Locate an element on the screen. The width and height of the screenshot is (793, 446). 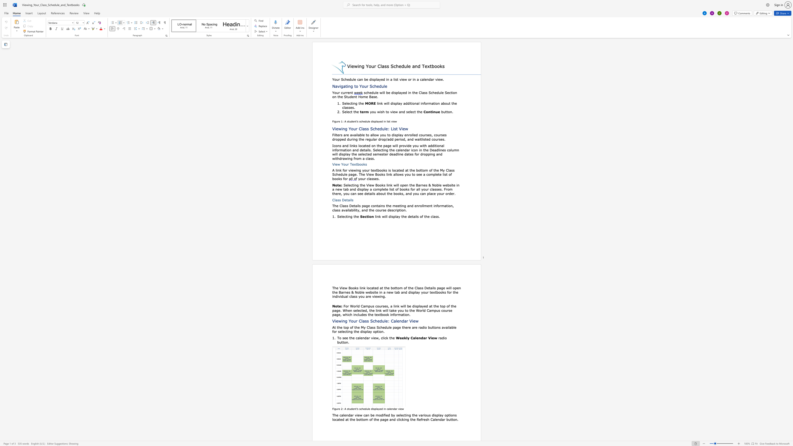
the 3th character "n" in the text is located at coordinates (335, 96).